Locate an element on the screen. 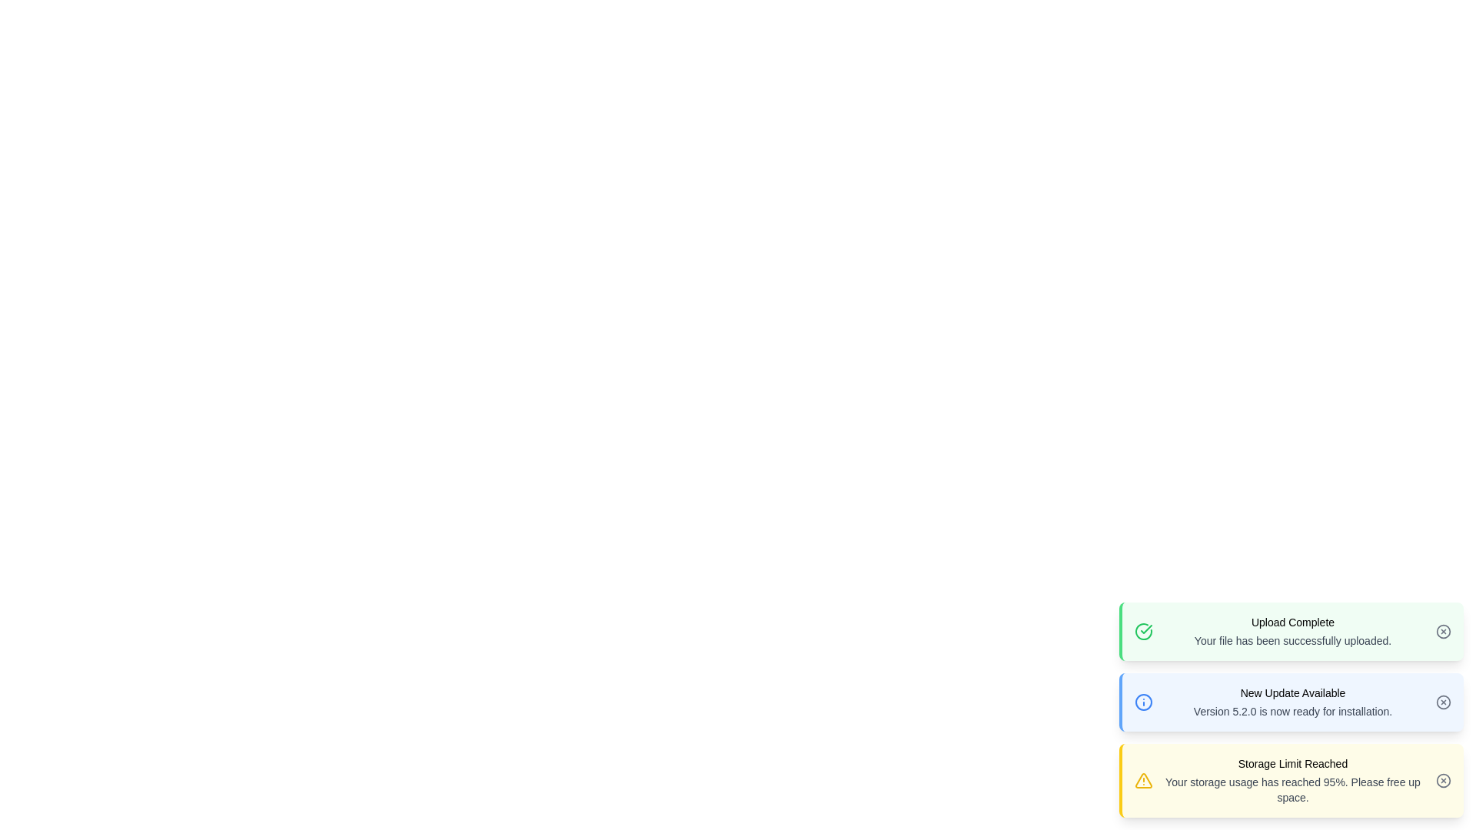  the title text of the warning notification informing about storage limits being reached, located at the bottom of the notification stack is located at coordinates (1291, 764).